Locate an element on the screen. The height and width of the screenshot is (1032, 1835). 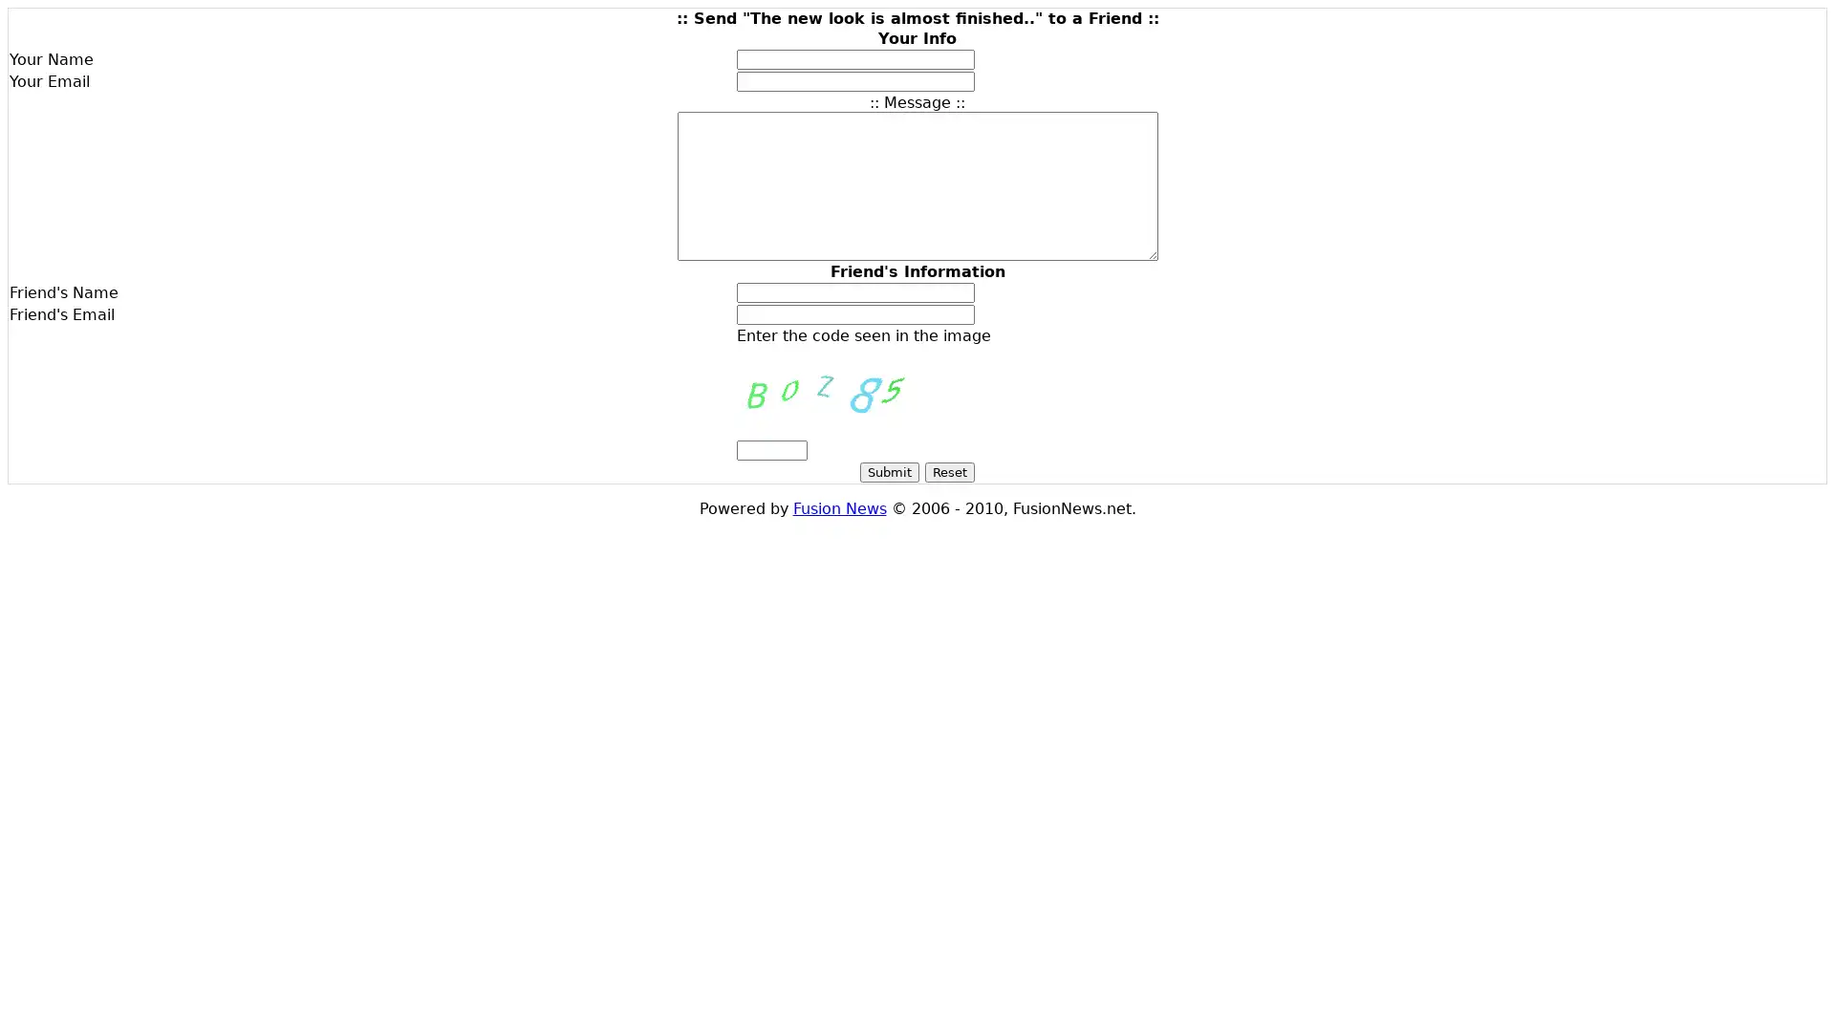
Reset is located at coordinates (949, 472).